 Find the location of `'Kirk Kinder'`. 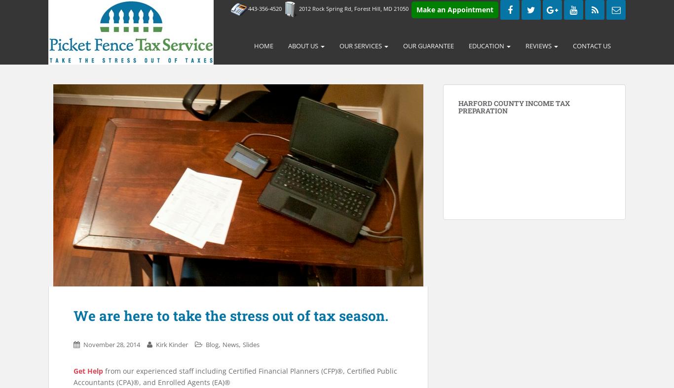

'Kirk Kinder' is located at coordinates (171, 344).